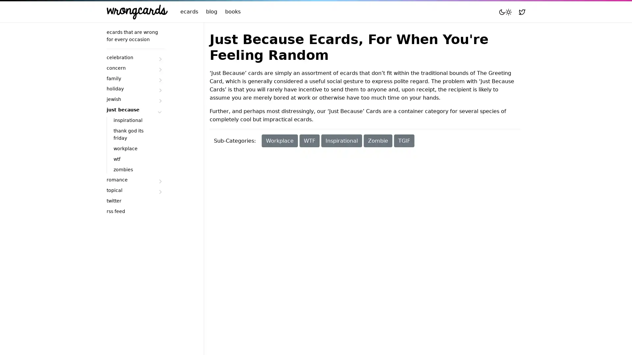 The width and height of the screenshot is (632, 355). What do you see at coordinates (159, 111) in the screenshot?
I see `Submenu` at bounding box center [159, 111].